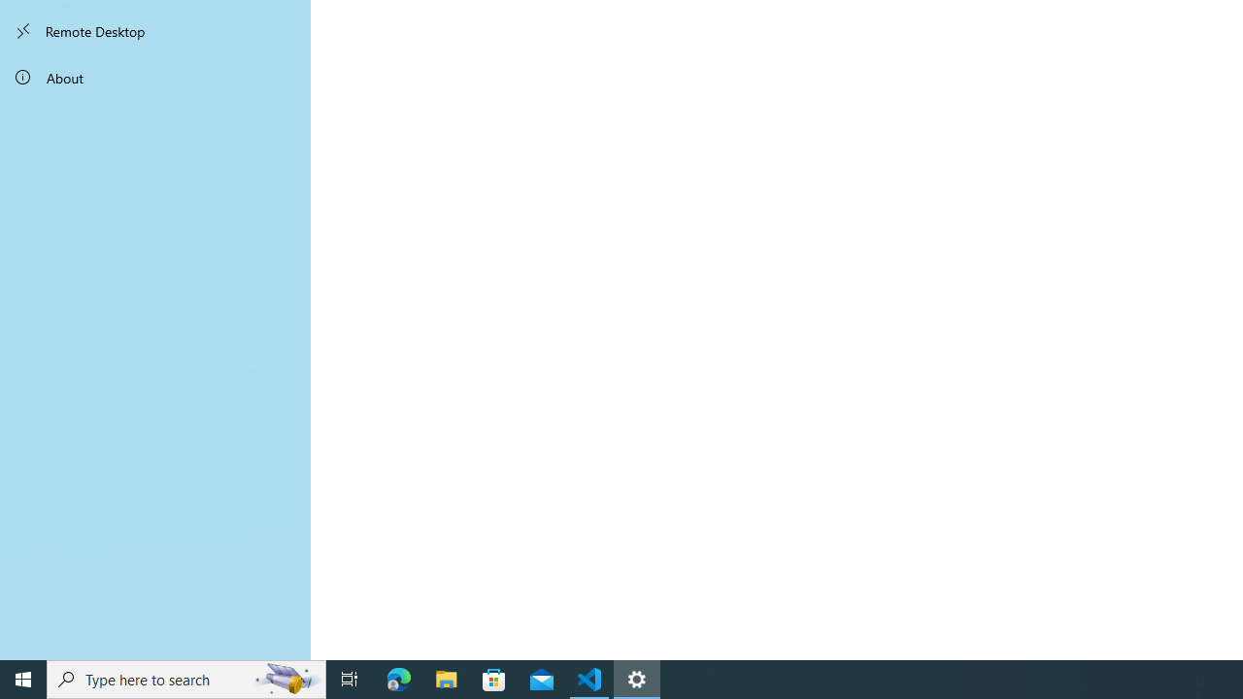  Describe the element at coordinates (186, 678) in the screenshot. I see `'Type here to search'` at that location.